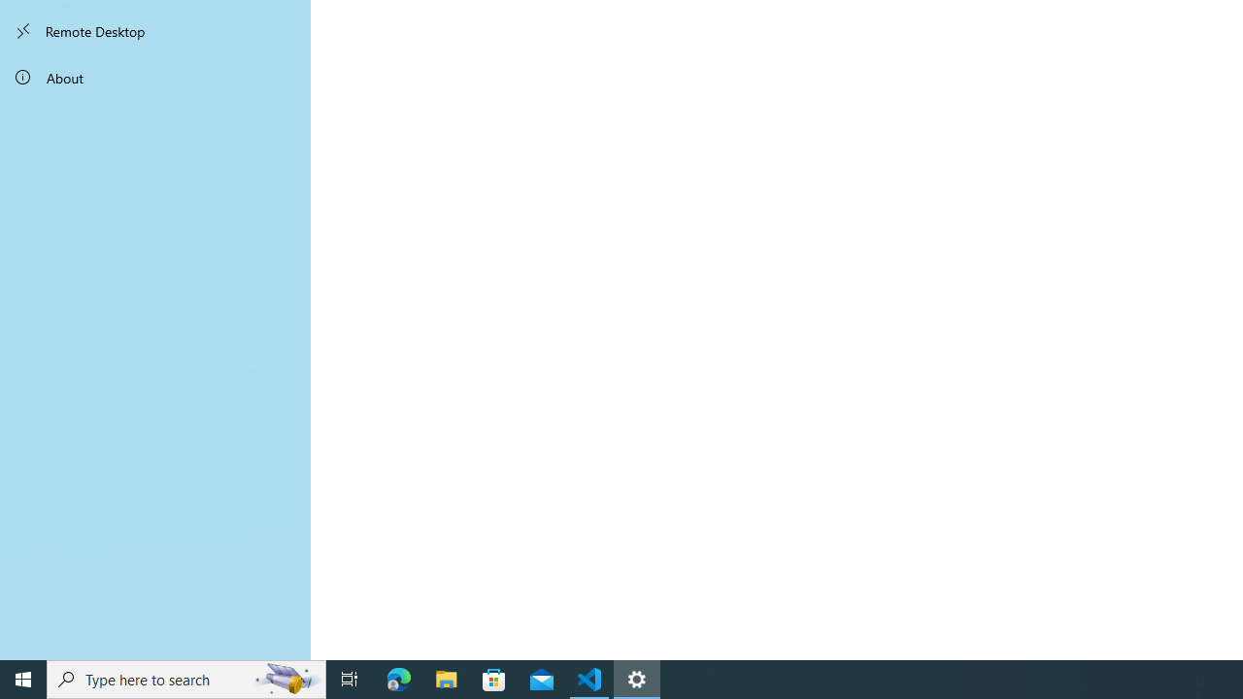  Describe the element at coordinates (186, 678) in the screenshot. I see `'Type here to search'` at that location.